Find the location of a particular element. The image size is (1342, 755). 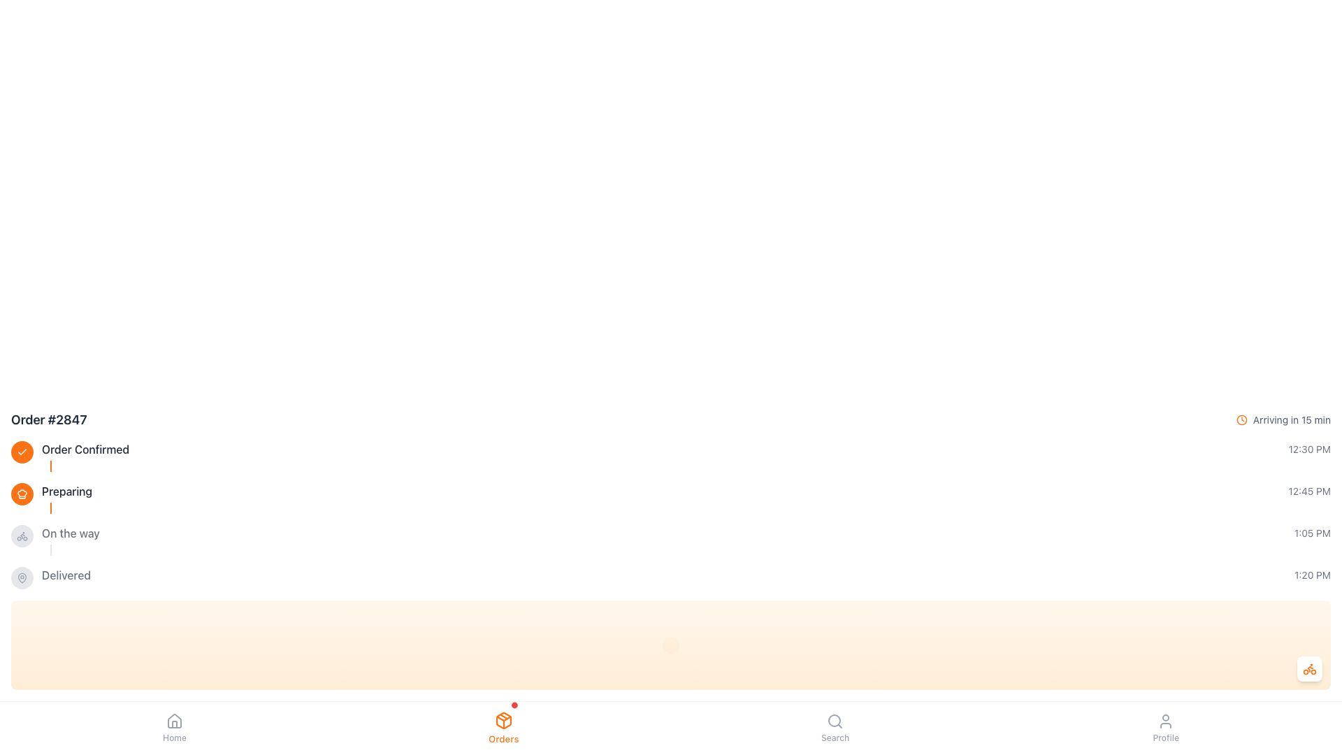

the second vertical line in the series of status indicators, which marks the 'Preparing' phase as active is located at coordinates (50, 508).